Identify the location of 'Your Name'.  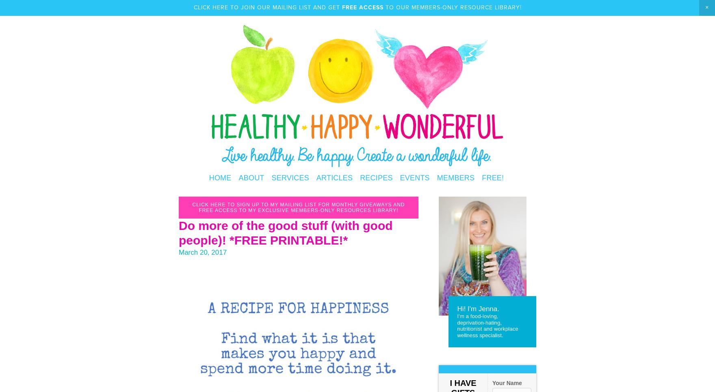
(507, 383).